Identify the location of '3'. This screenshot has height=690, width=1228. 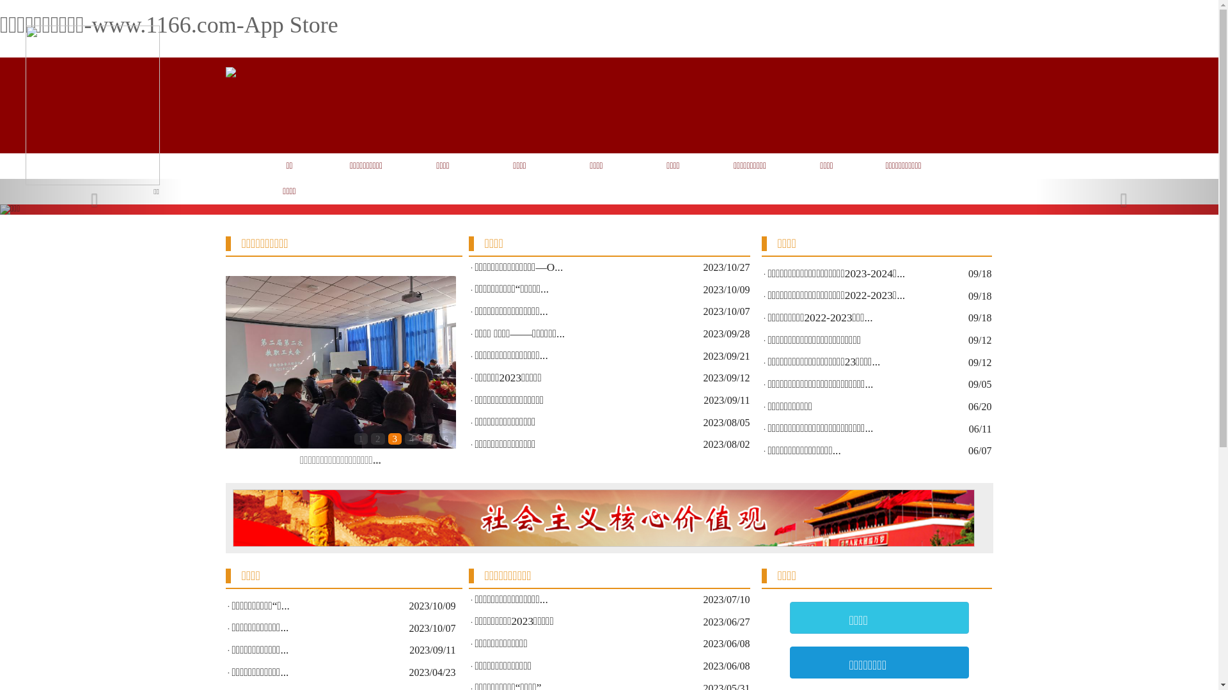
(394, 438).